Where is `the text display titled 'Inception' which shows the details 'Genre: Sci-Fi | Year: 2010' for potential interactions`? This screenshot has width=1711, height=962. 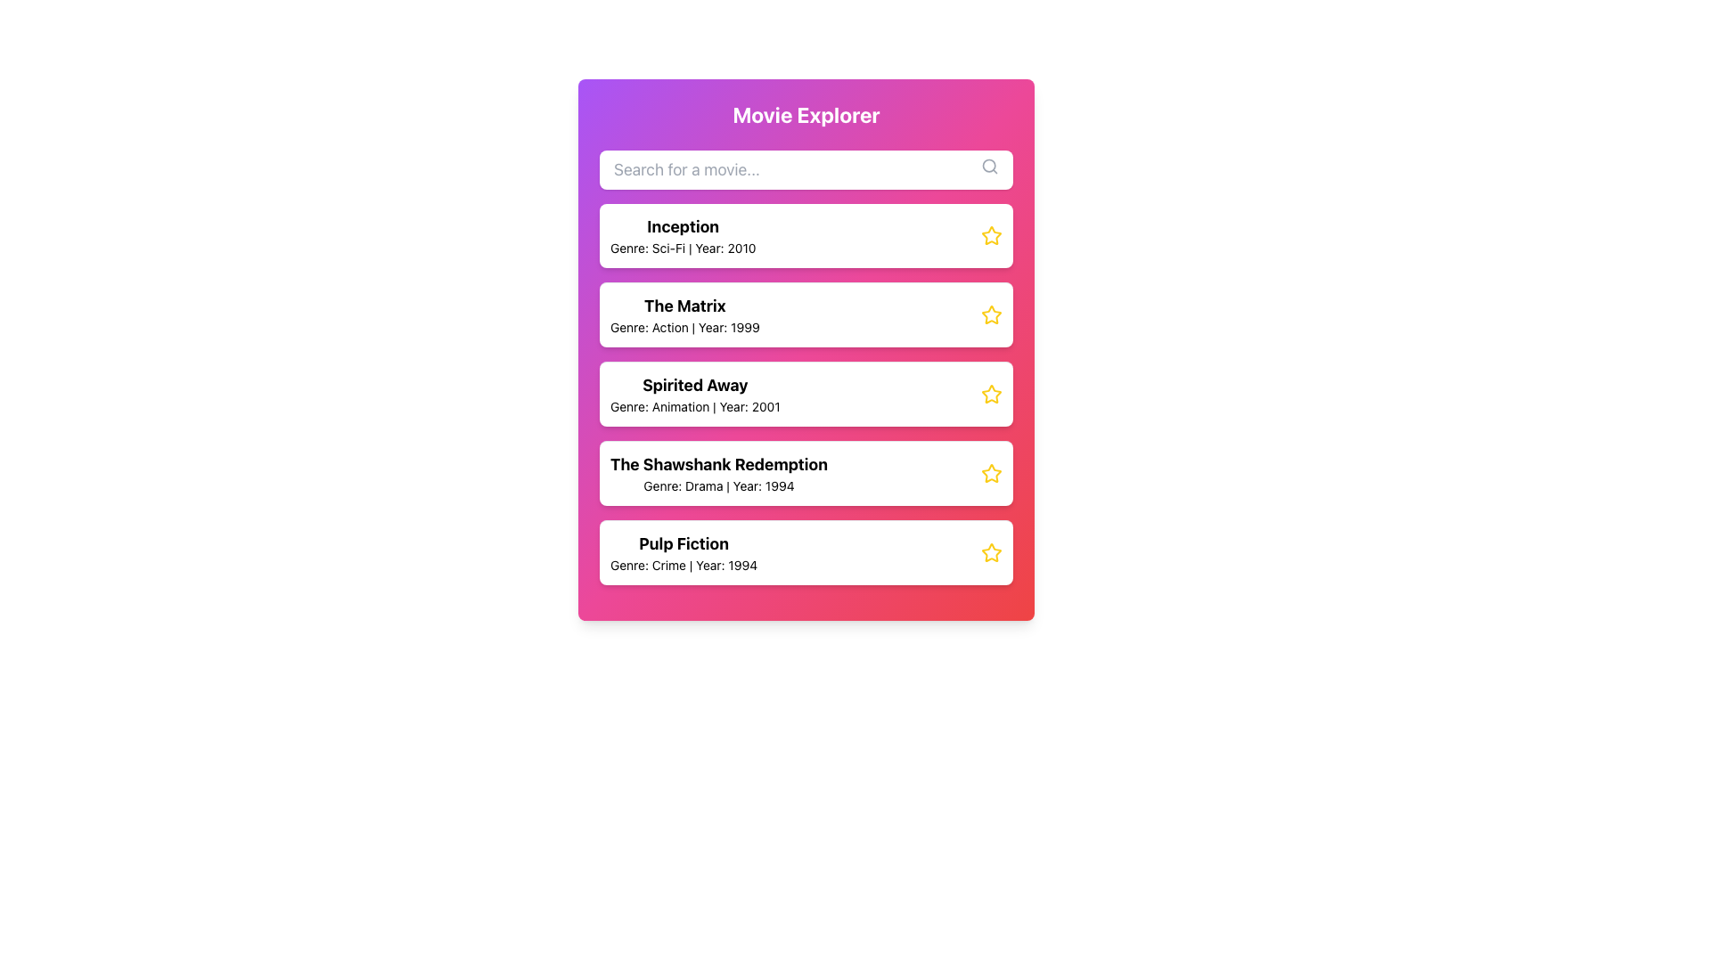
the text display titled 'Inception' which shows the details 'Genre: Sci-Fi | Year: 2010' for potential interactions is located at coordinates (682, 235).